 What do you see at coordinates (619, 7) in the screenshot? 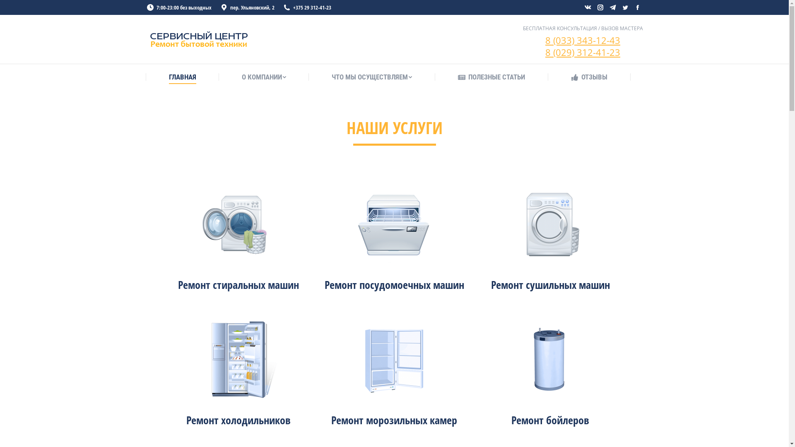
I see `'Twitter page opens in new window'` at bounding box center [619, 7].